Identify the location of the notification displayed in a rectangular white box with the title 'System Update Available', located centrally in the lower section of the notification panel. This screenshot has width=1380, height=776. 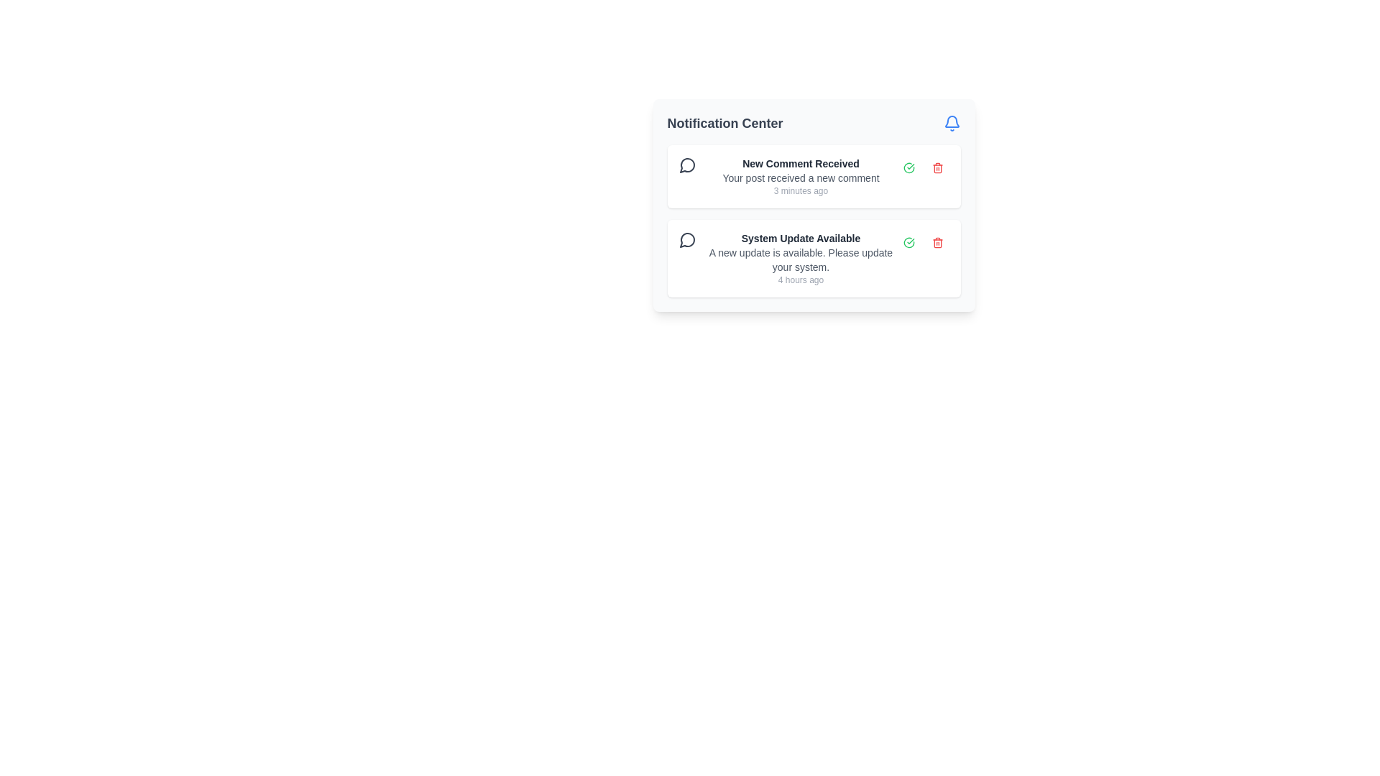
(800, 257).